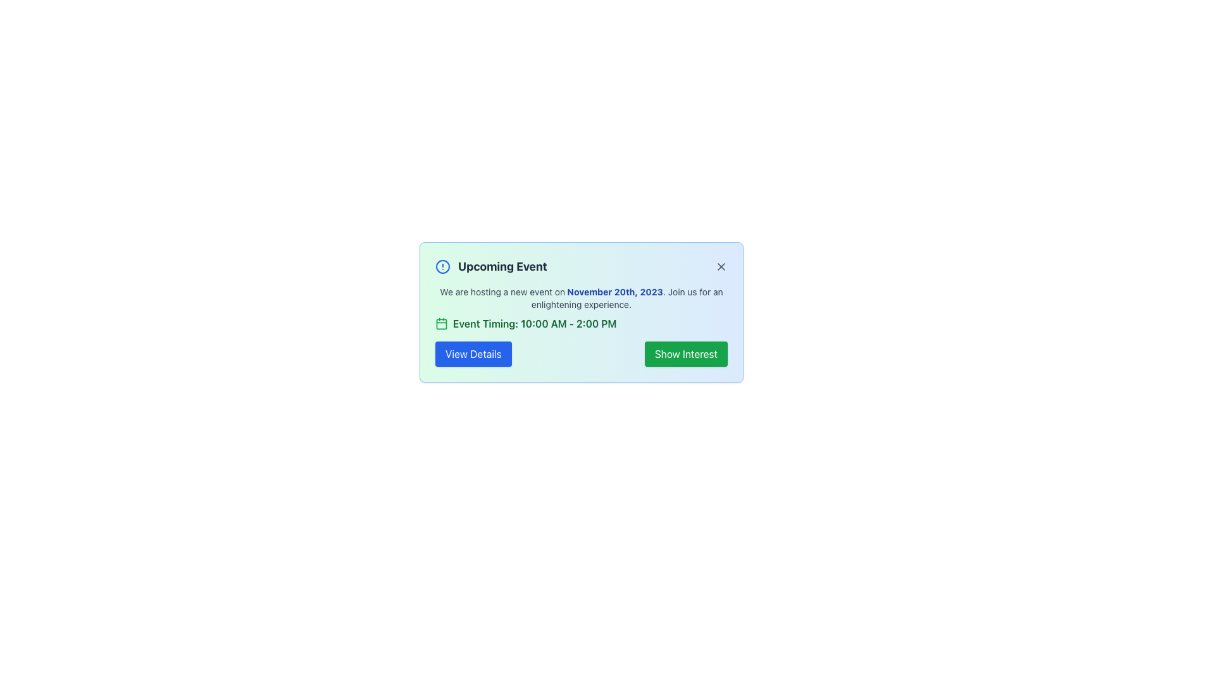  I want to click on the informational label displaying the event timing '10:00 AM - 2:00 PM', located at the bottom of the textual content area, following 'We are hosting a new event...' and preceding the buttons 'View Details' and 'Show Interest', so click(580, 323).